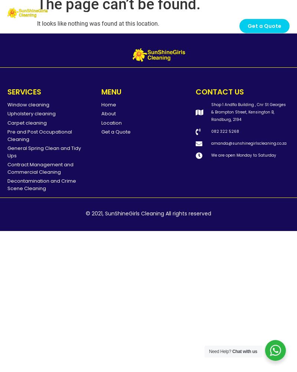  I want to click on 'Shop 1 Andflo Building , Cnr St Georges & Brompton Street, Kensington B, Randburg, 2194', so click(248, 112).